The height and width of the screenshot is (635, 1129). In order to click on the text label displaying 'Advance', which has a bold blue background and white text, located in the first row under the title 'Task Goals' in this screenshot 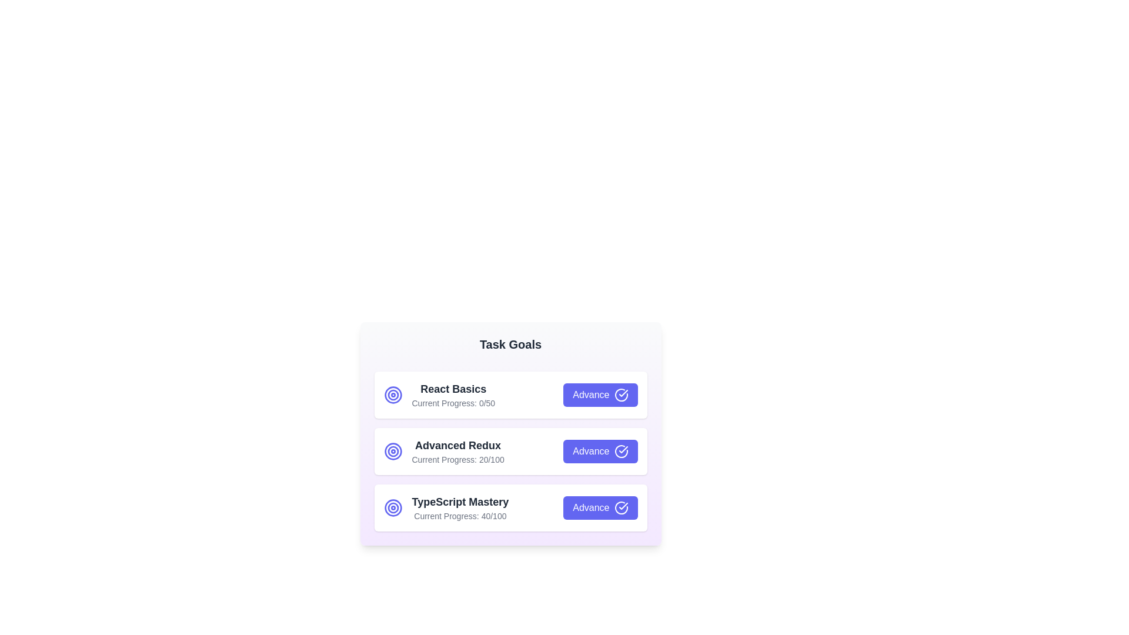, I will do `click(591, 395)`.